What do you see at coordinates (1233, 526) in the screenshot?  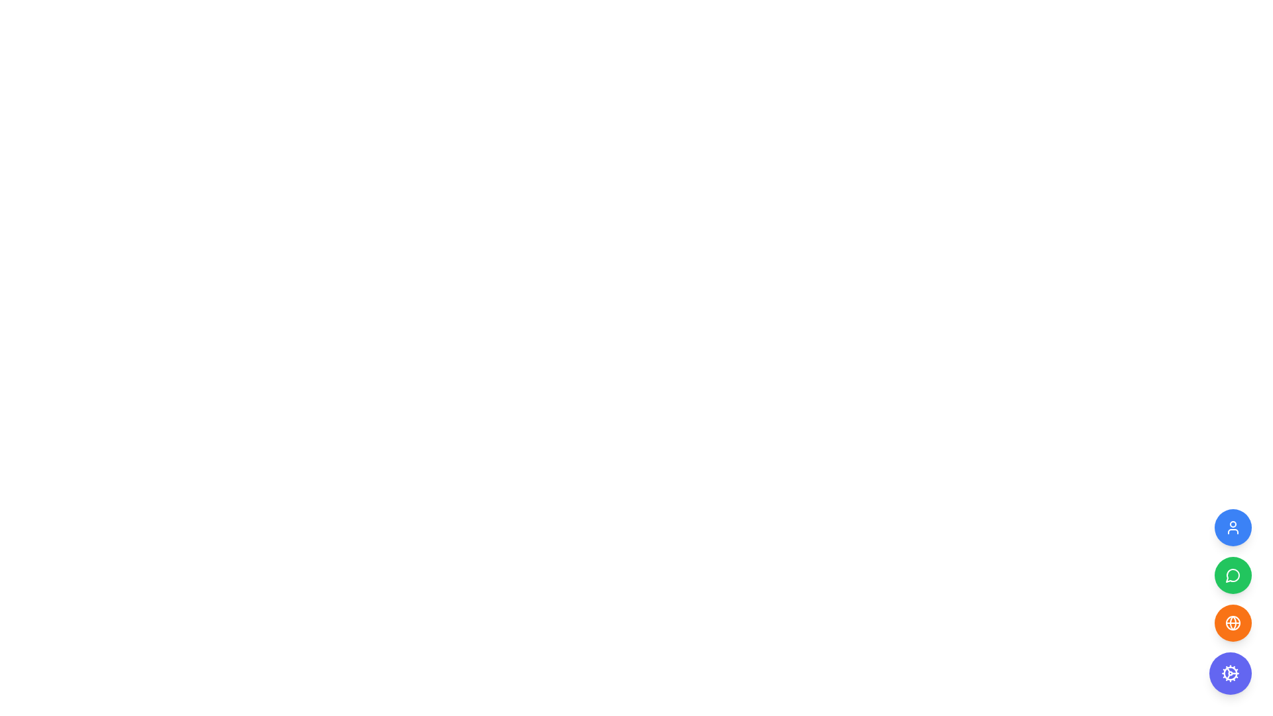 I see `the circular blue button with a white user icon at the bottom-right corner of the interface` at bounding box center [1233, 526].